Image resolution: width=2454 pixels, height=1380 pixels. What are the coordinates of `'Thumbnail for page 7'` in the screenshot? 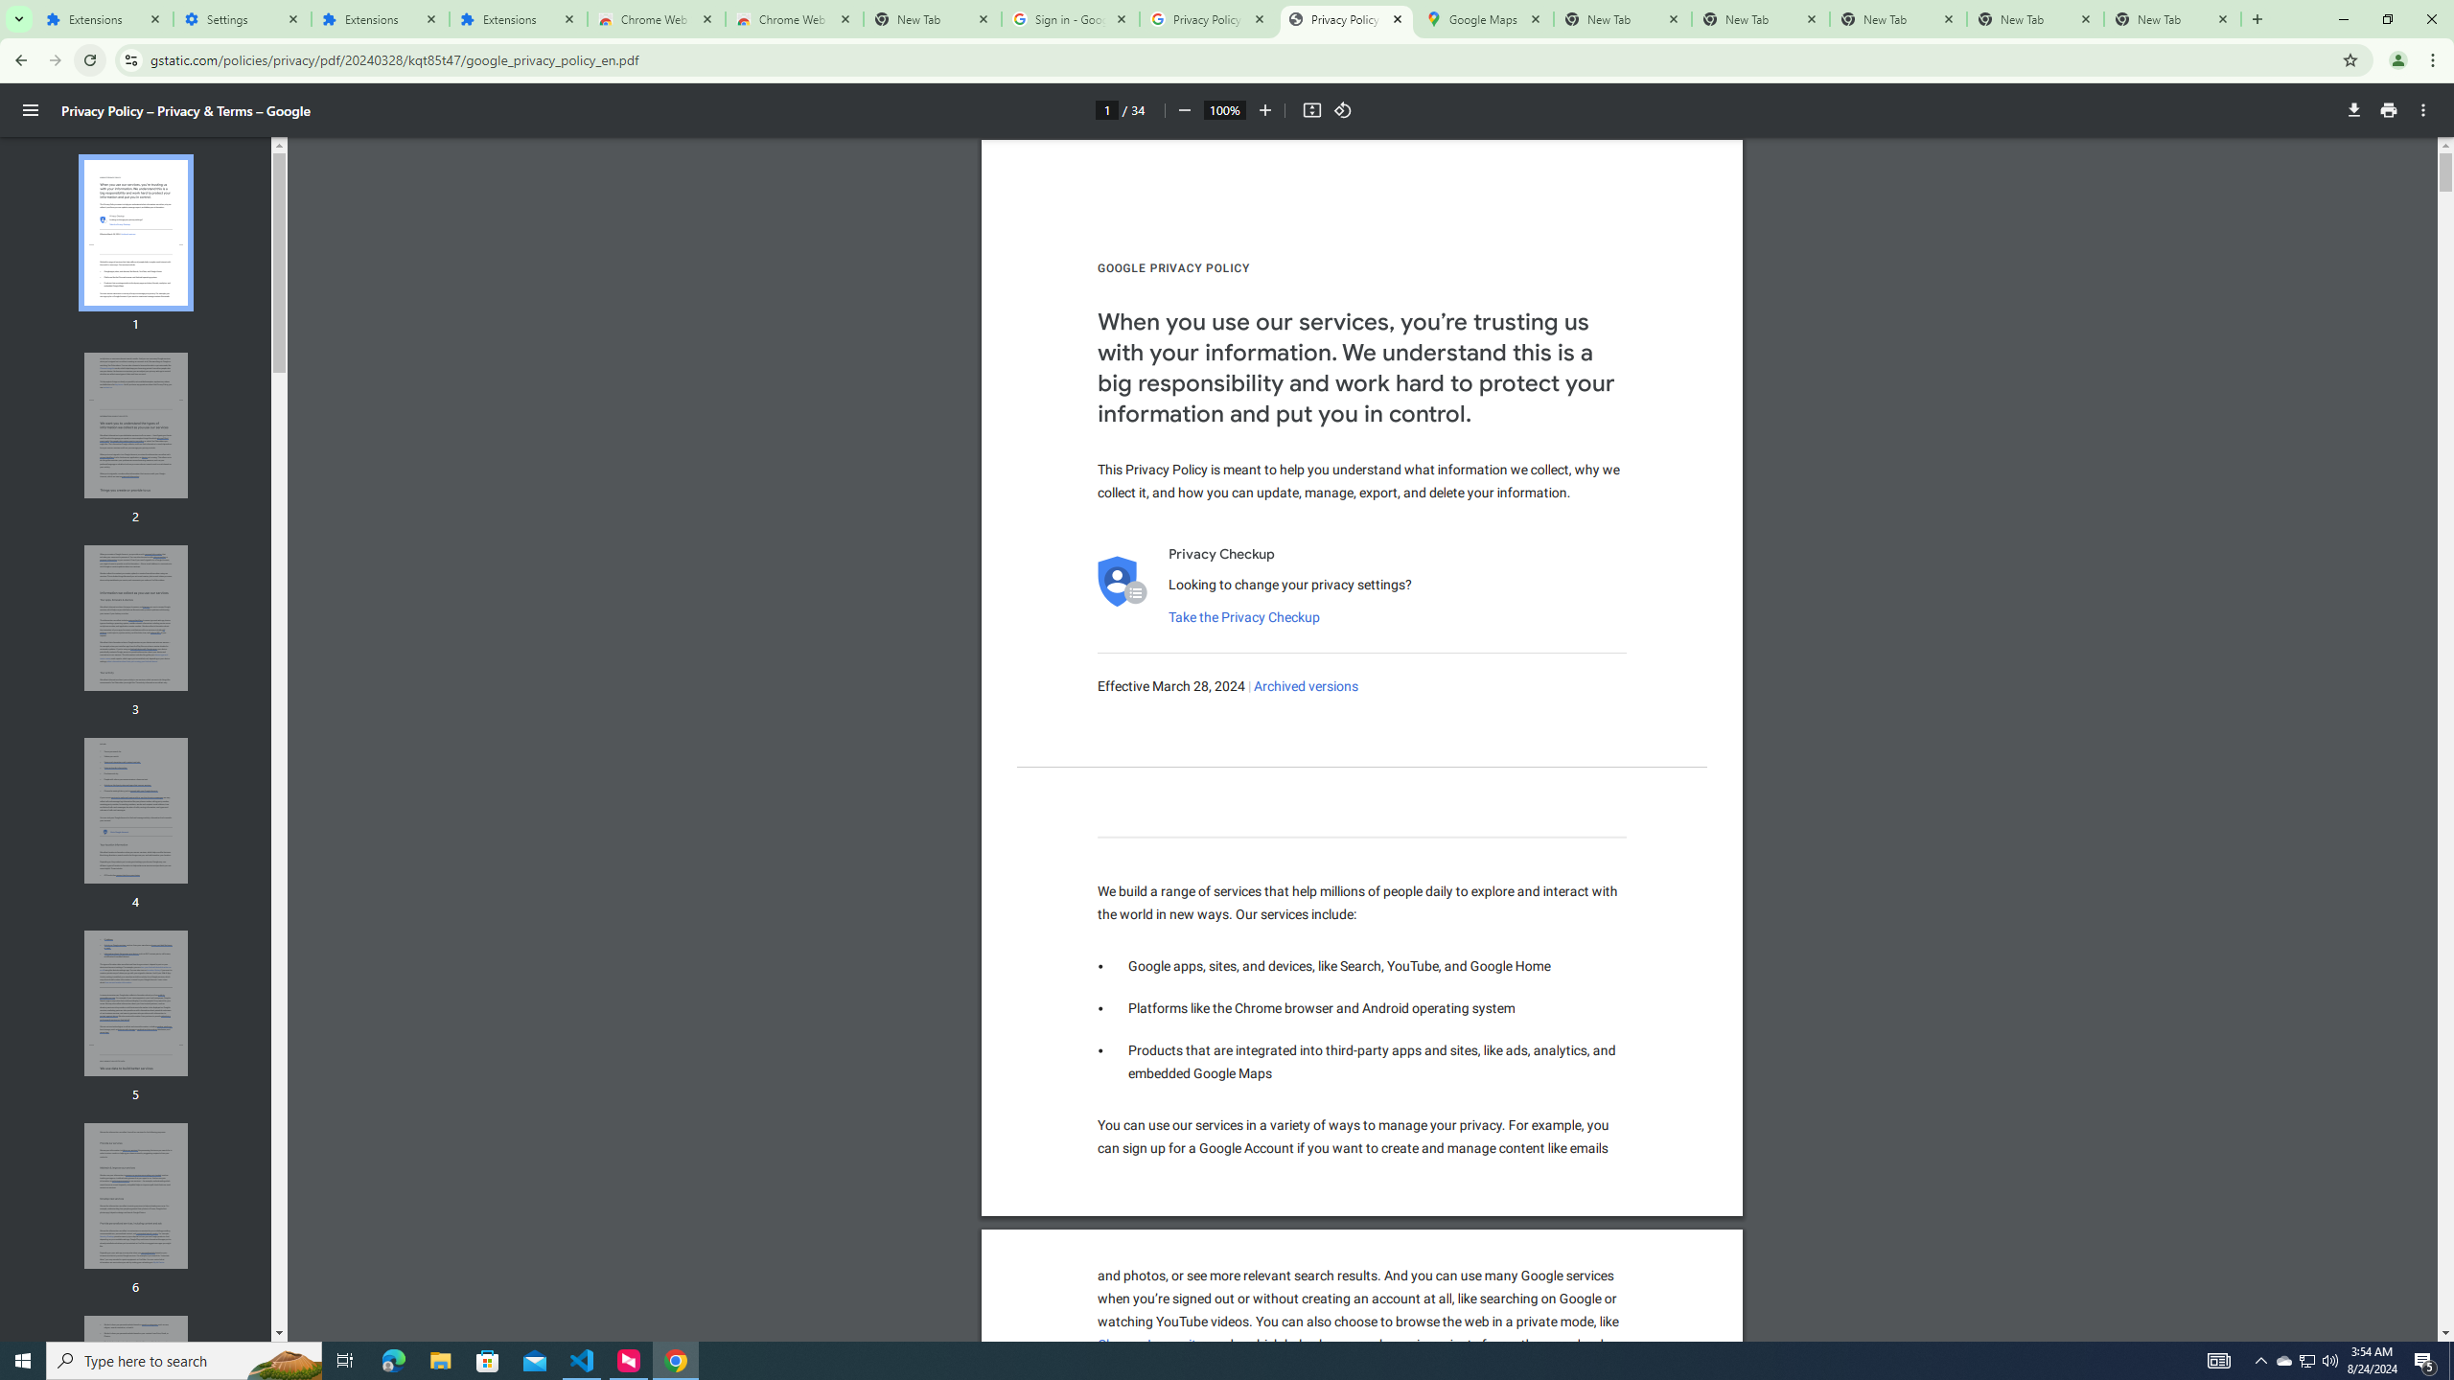 It's located at (136, 1380).